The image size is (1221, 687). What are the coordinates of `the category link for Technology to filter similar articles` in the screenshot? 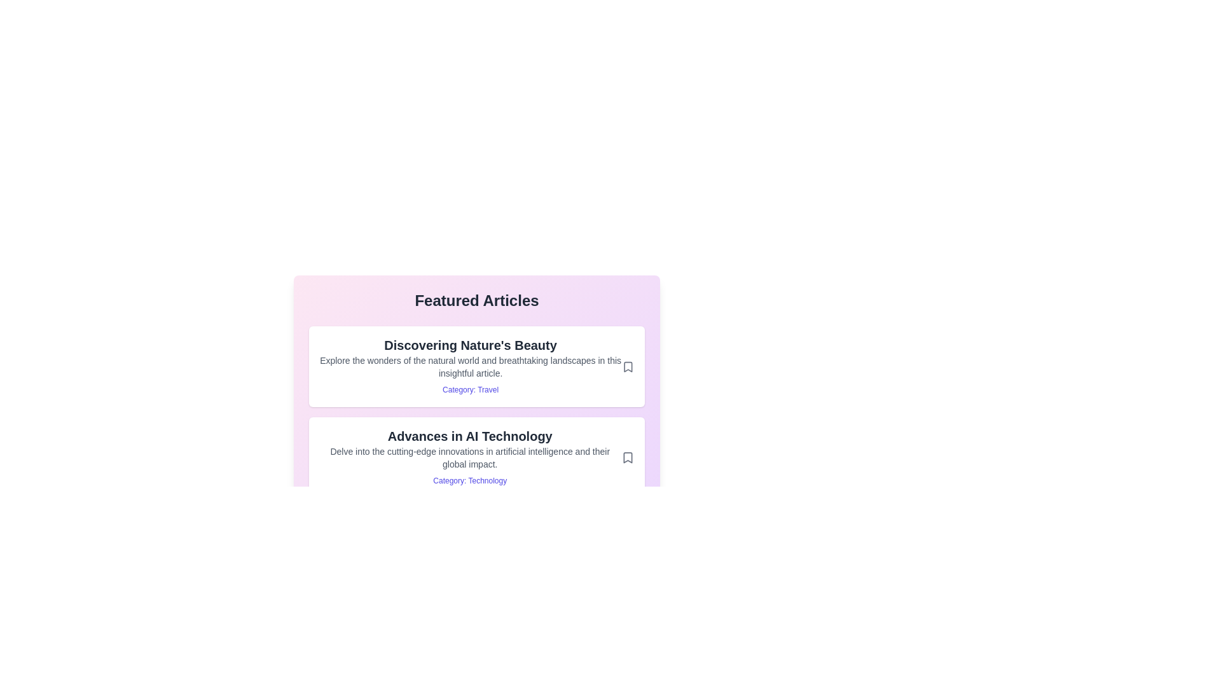 It's located at (469, 481).